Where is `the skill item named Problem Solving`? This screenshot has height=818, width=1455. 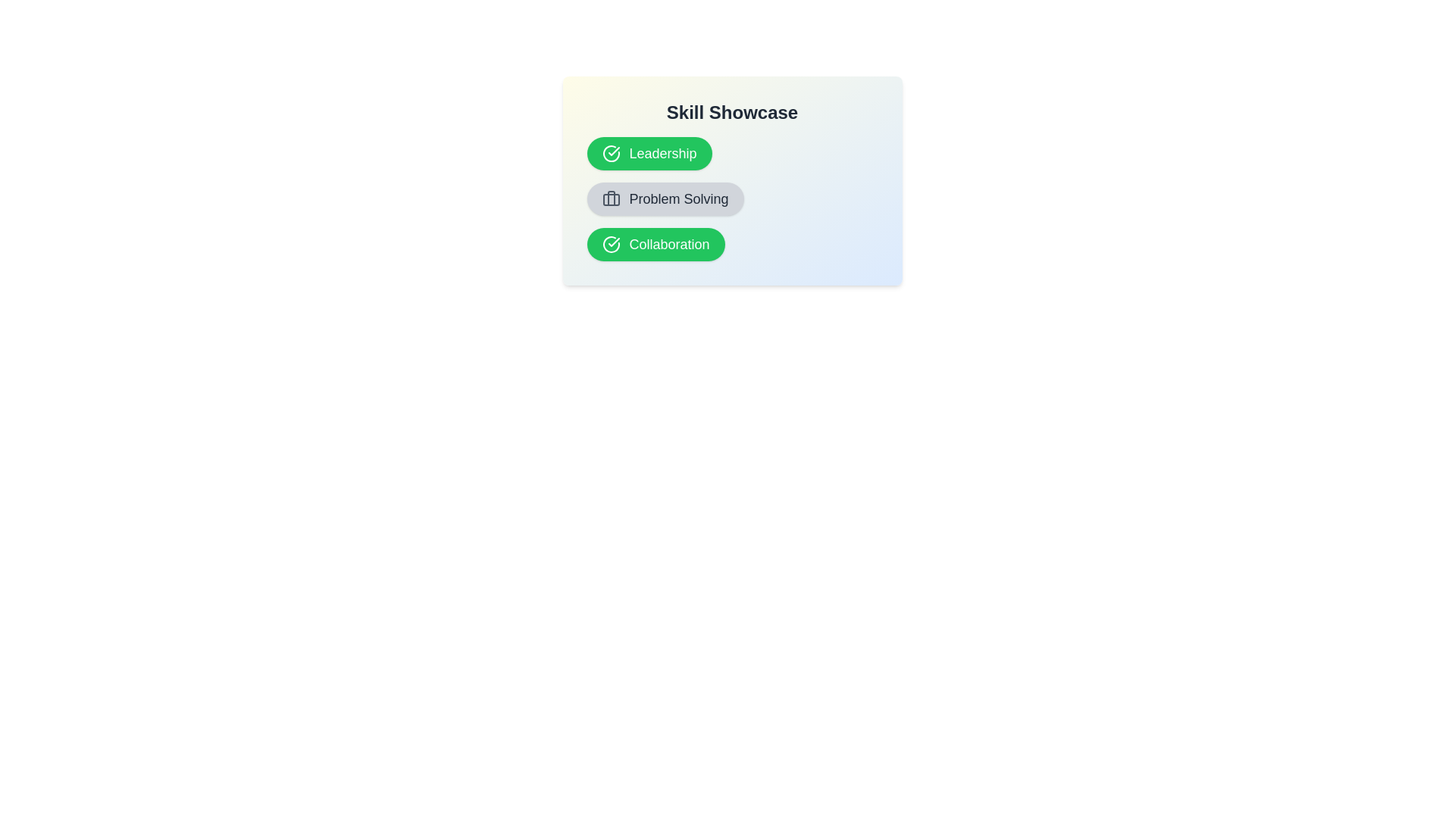 the skill item named Problem Solving is located at coordinates (665, 198).